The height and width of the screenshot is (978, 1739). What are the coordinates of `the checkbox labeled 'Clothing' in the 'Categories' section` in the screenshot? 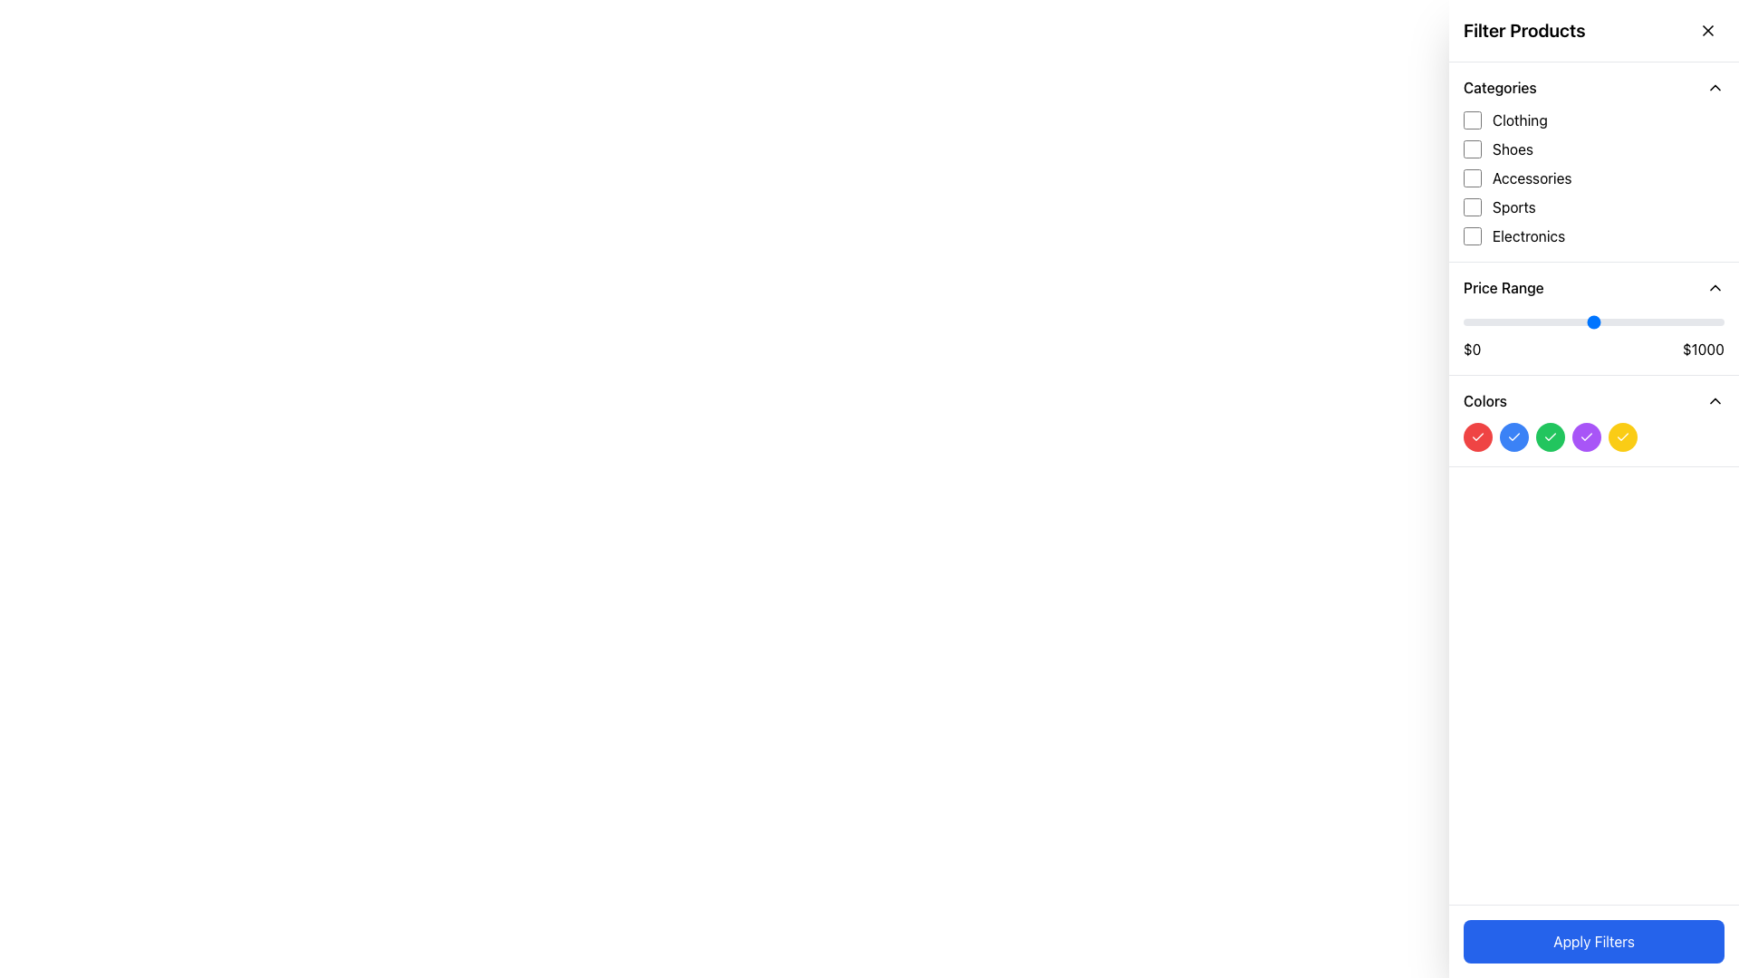 It's located at (1594, 120).